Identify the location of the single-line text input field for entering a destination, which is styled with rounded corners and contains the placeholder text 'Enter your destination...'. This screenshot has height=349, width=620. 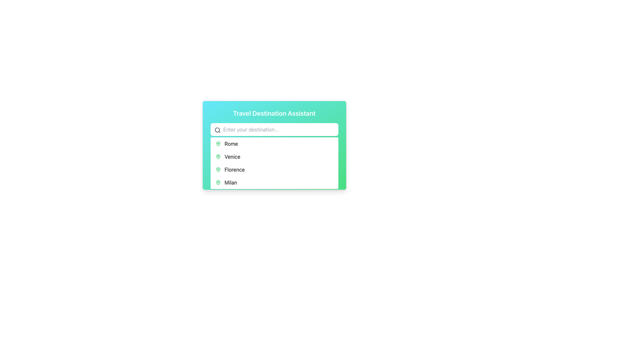
(274, 130).